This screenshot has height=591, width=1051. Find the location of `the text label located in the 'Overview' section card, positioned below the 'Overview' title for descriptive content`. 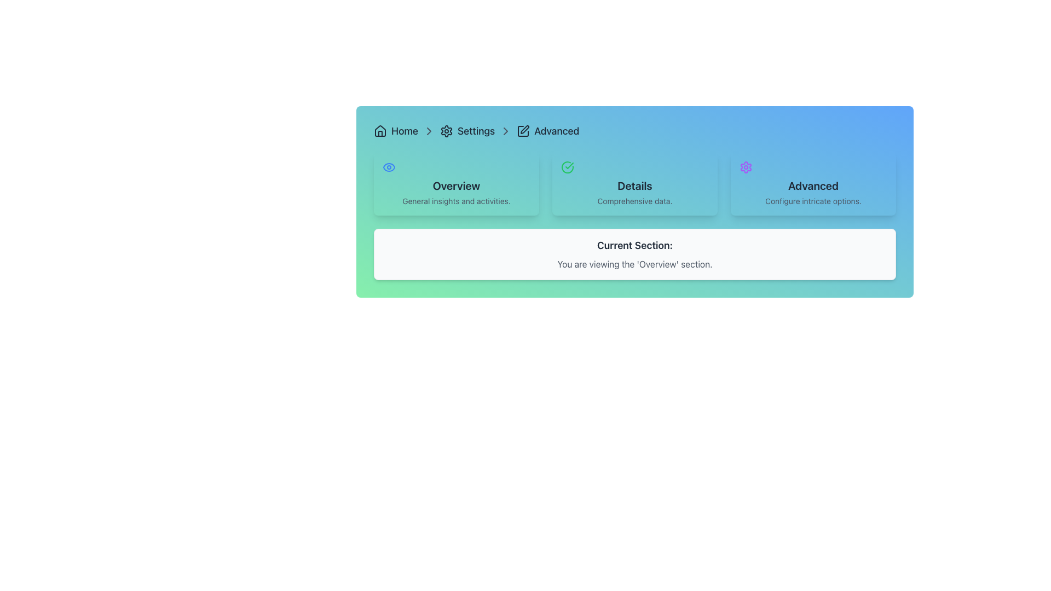

the text label located in the 'Overview' section card, positioned below the 'Overview' title for descriptive content is located at coordinates (457, 201).